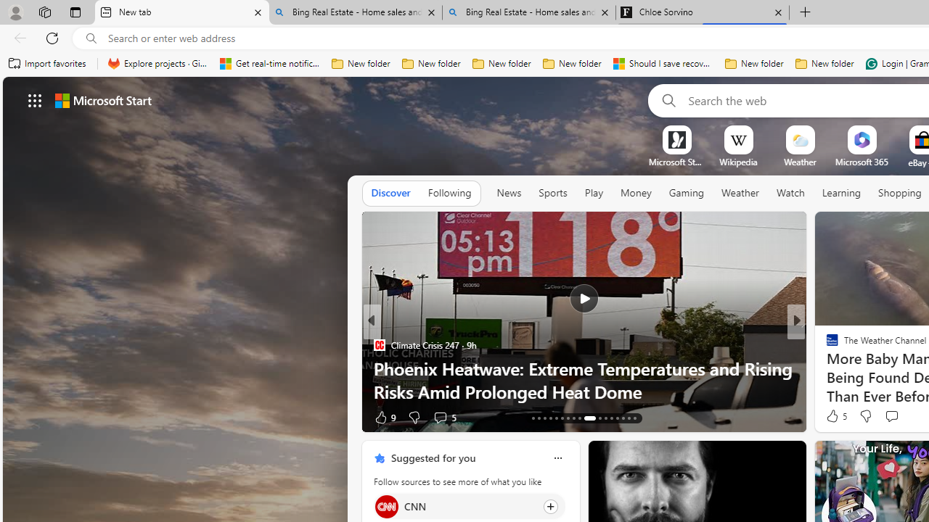 This screenshot has height=522, width=929. Describe the element at coordinates (836, 417) in the screenshot. I see `'151 Like'` at that location.